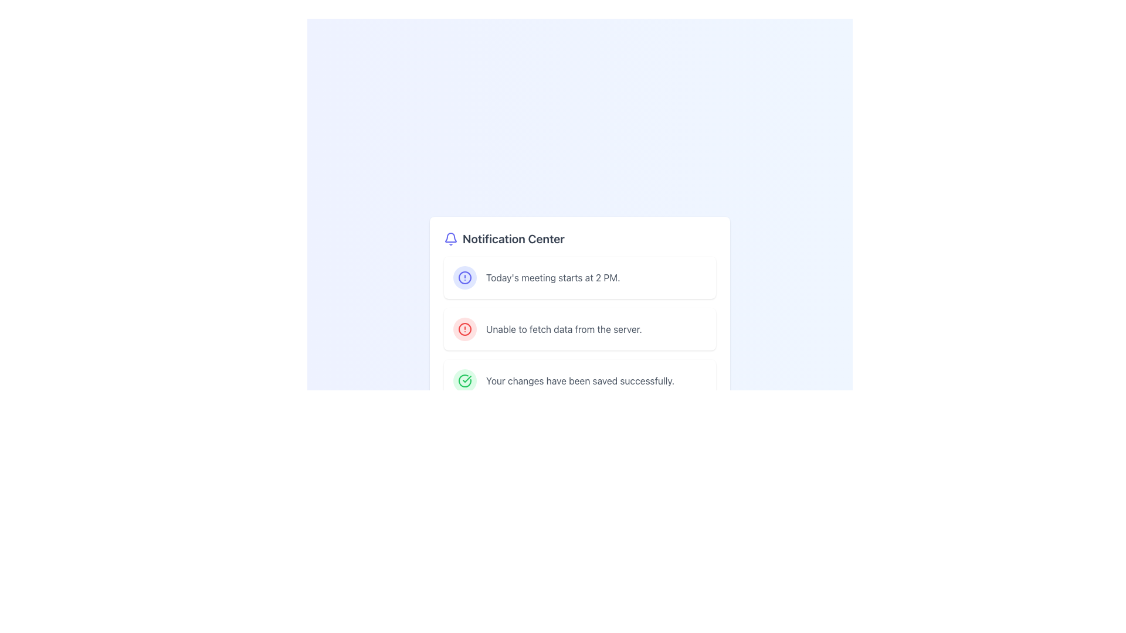 The width and height of the screenshot is (1126, 633). Describe the element at coordinates (513, 239) in the screenshot. I see `the 'Notification Center' text label, which is a bold, dark gray heading located at the start of the notification list in the notification panel` at that location.